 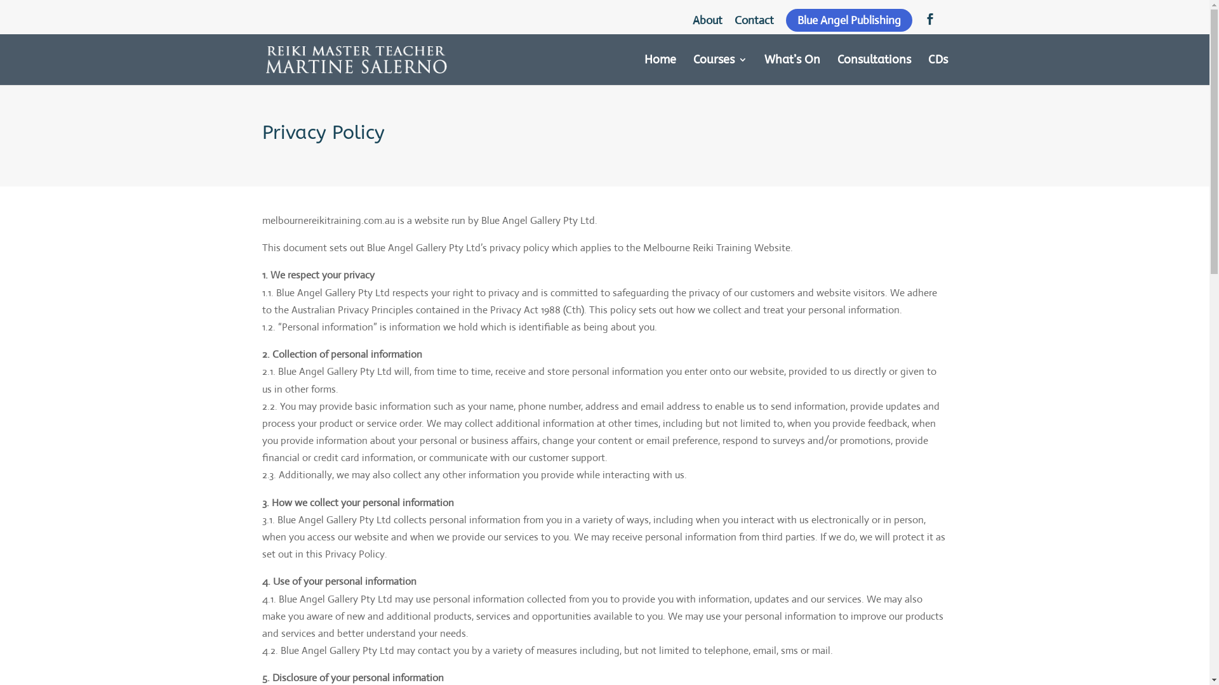 What do you see at coordinates (720, 70) in the screenshot?
I see `'Courses'` at bounding box center [720, 70].